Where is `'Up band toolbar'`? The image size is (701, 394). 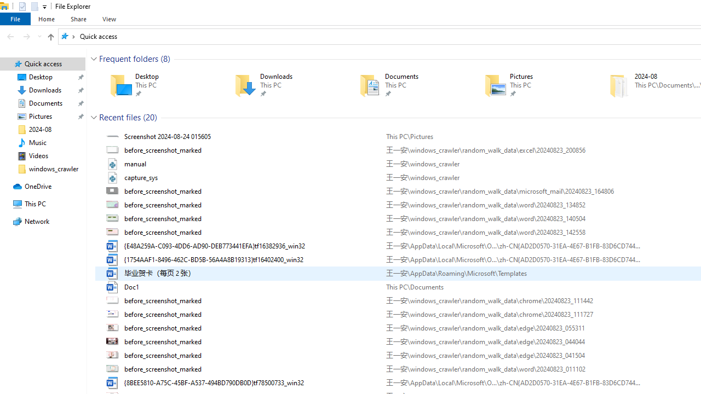 'Up band toolbar' is located at coordinates (50, 38).